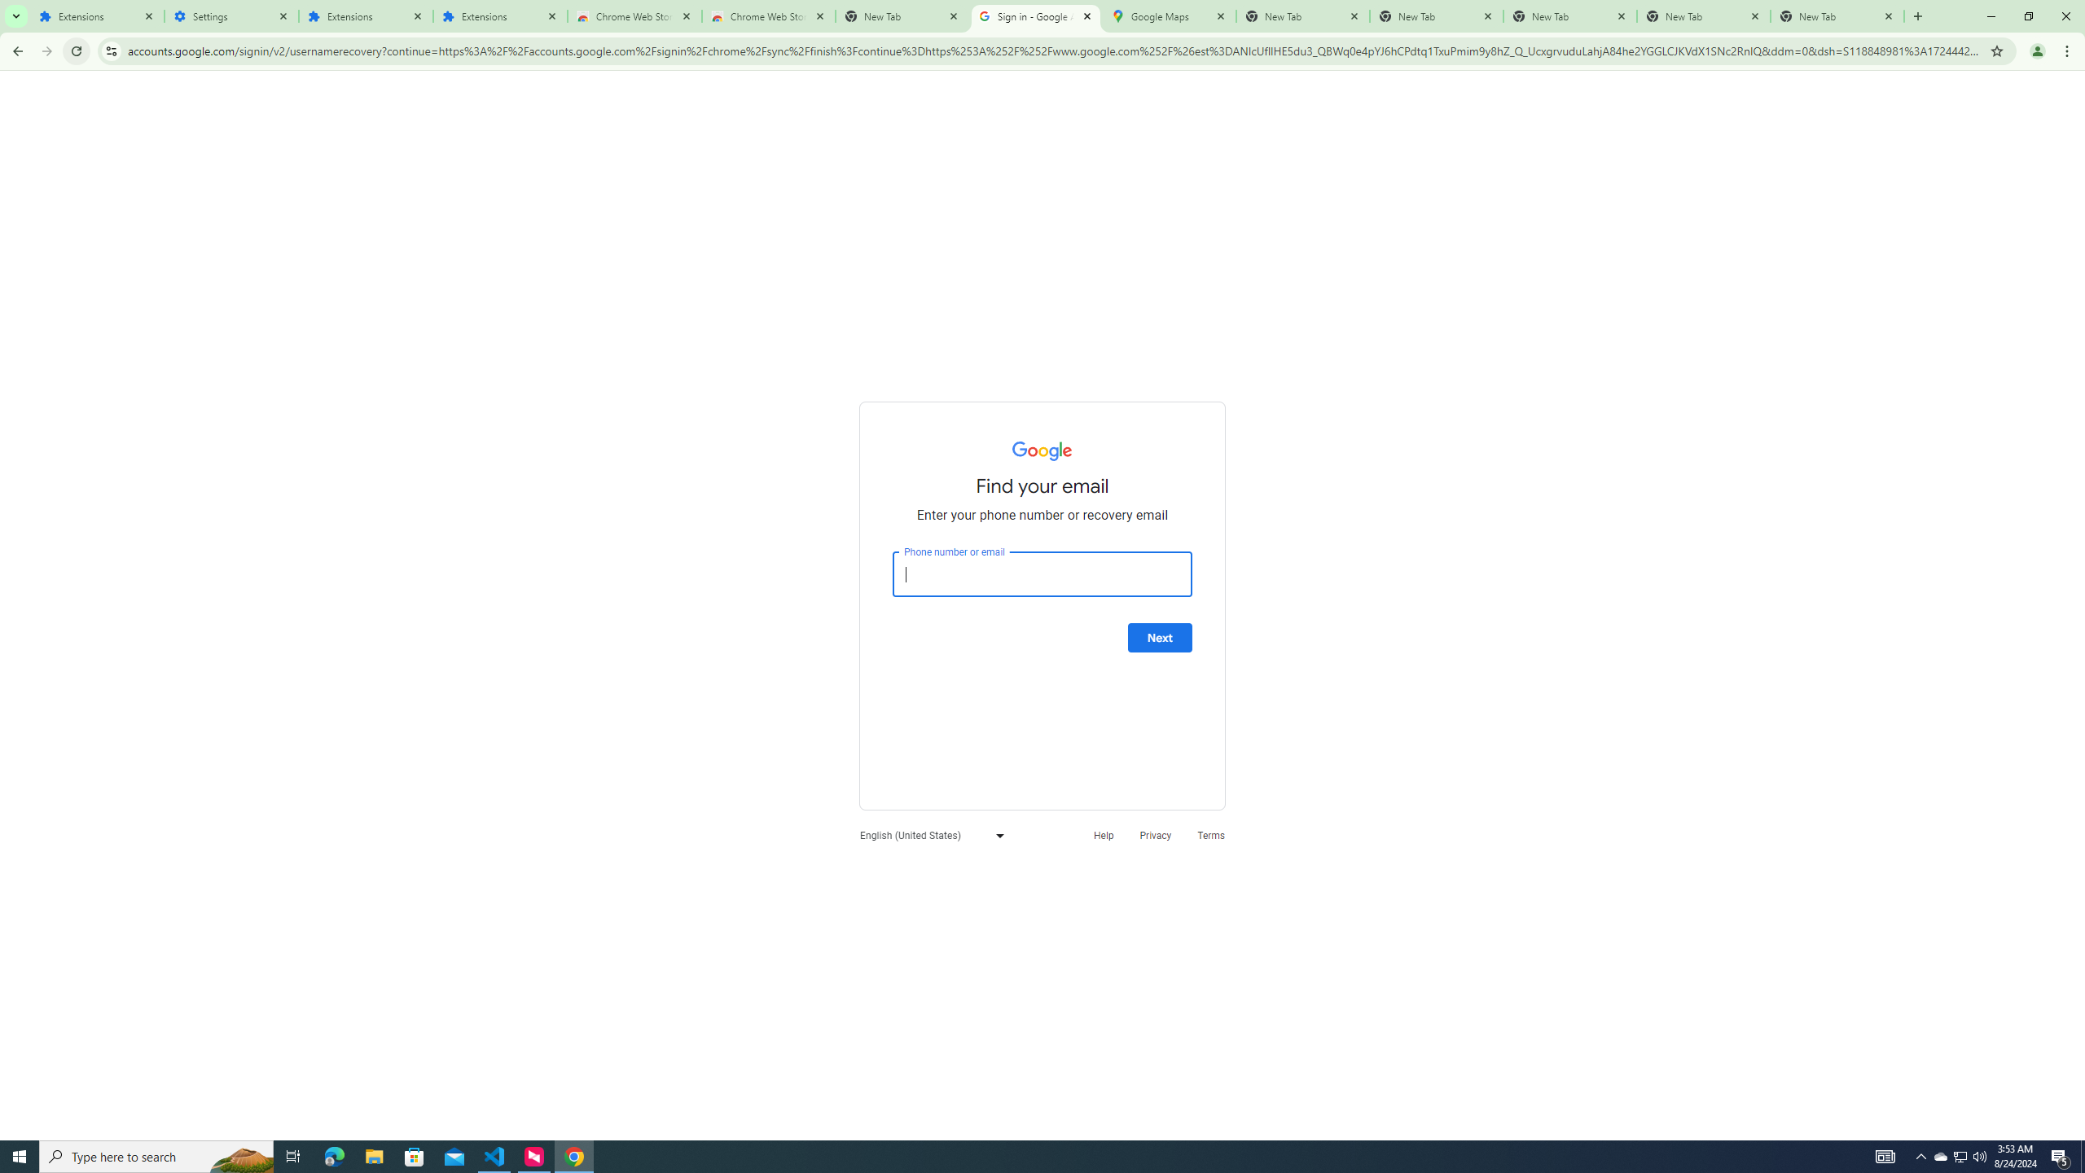  What do you see at coordinates (1035, 15) in the screenshot?
I see `'Sign in - Google Accounts'` at bounding box center [1035, 15].